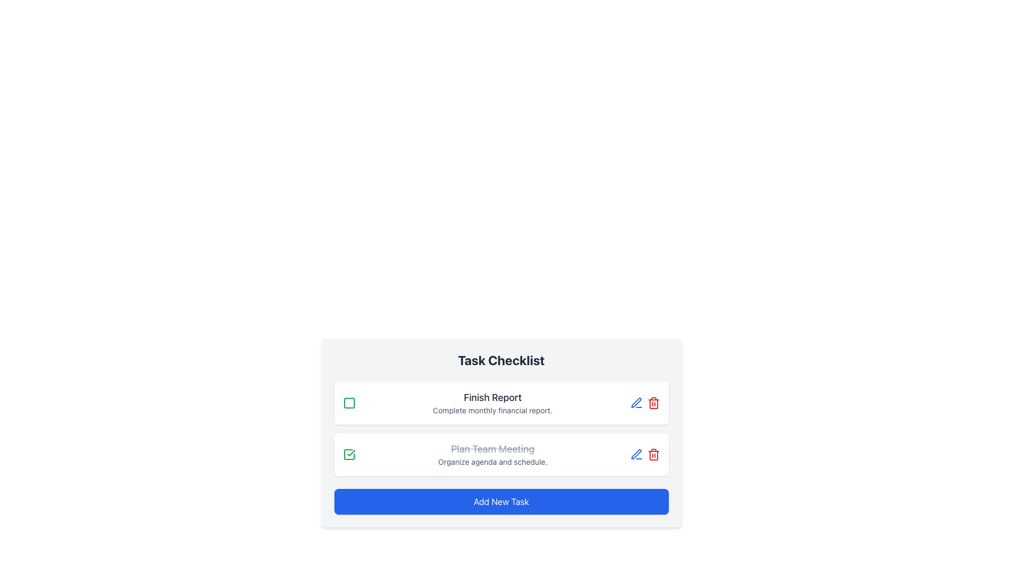 This screenshot has width=1029, height=579. What do you see at coordinates (492, 410) in the screenshot?
I see `the text label providing context for the 'Finish Report' task, located centrally below the task title within the checklist entry` at bounding box center [492, 410].